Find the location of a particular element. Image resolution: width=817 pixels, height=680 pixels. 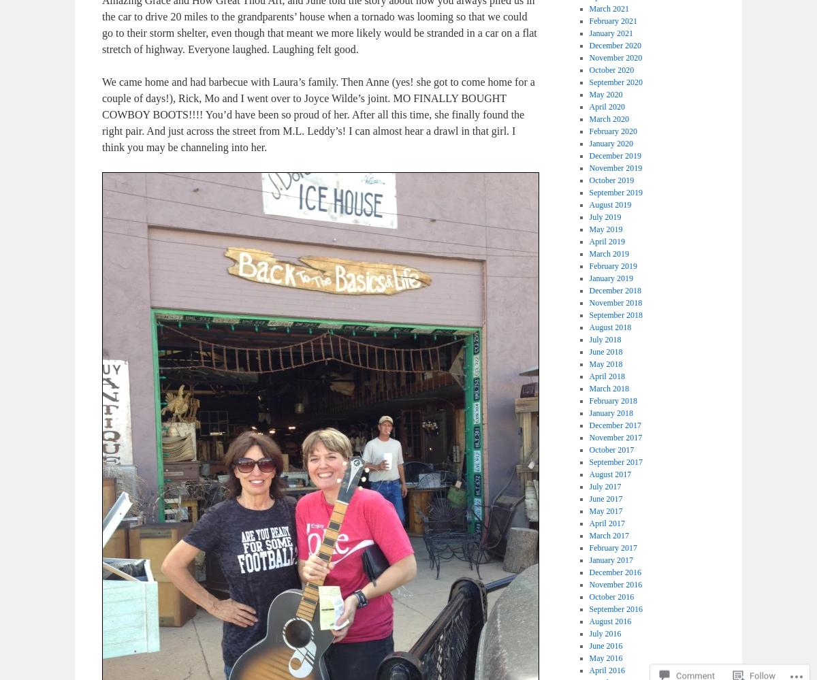

'April 2020' is located at coordinates (588, 107).